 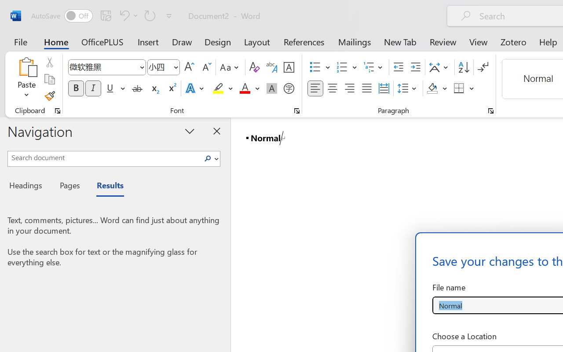 What do you see at coordinates (76, 88) in the screenshot?
I see `'Bold'` at bounding box center [76, 88].